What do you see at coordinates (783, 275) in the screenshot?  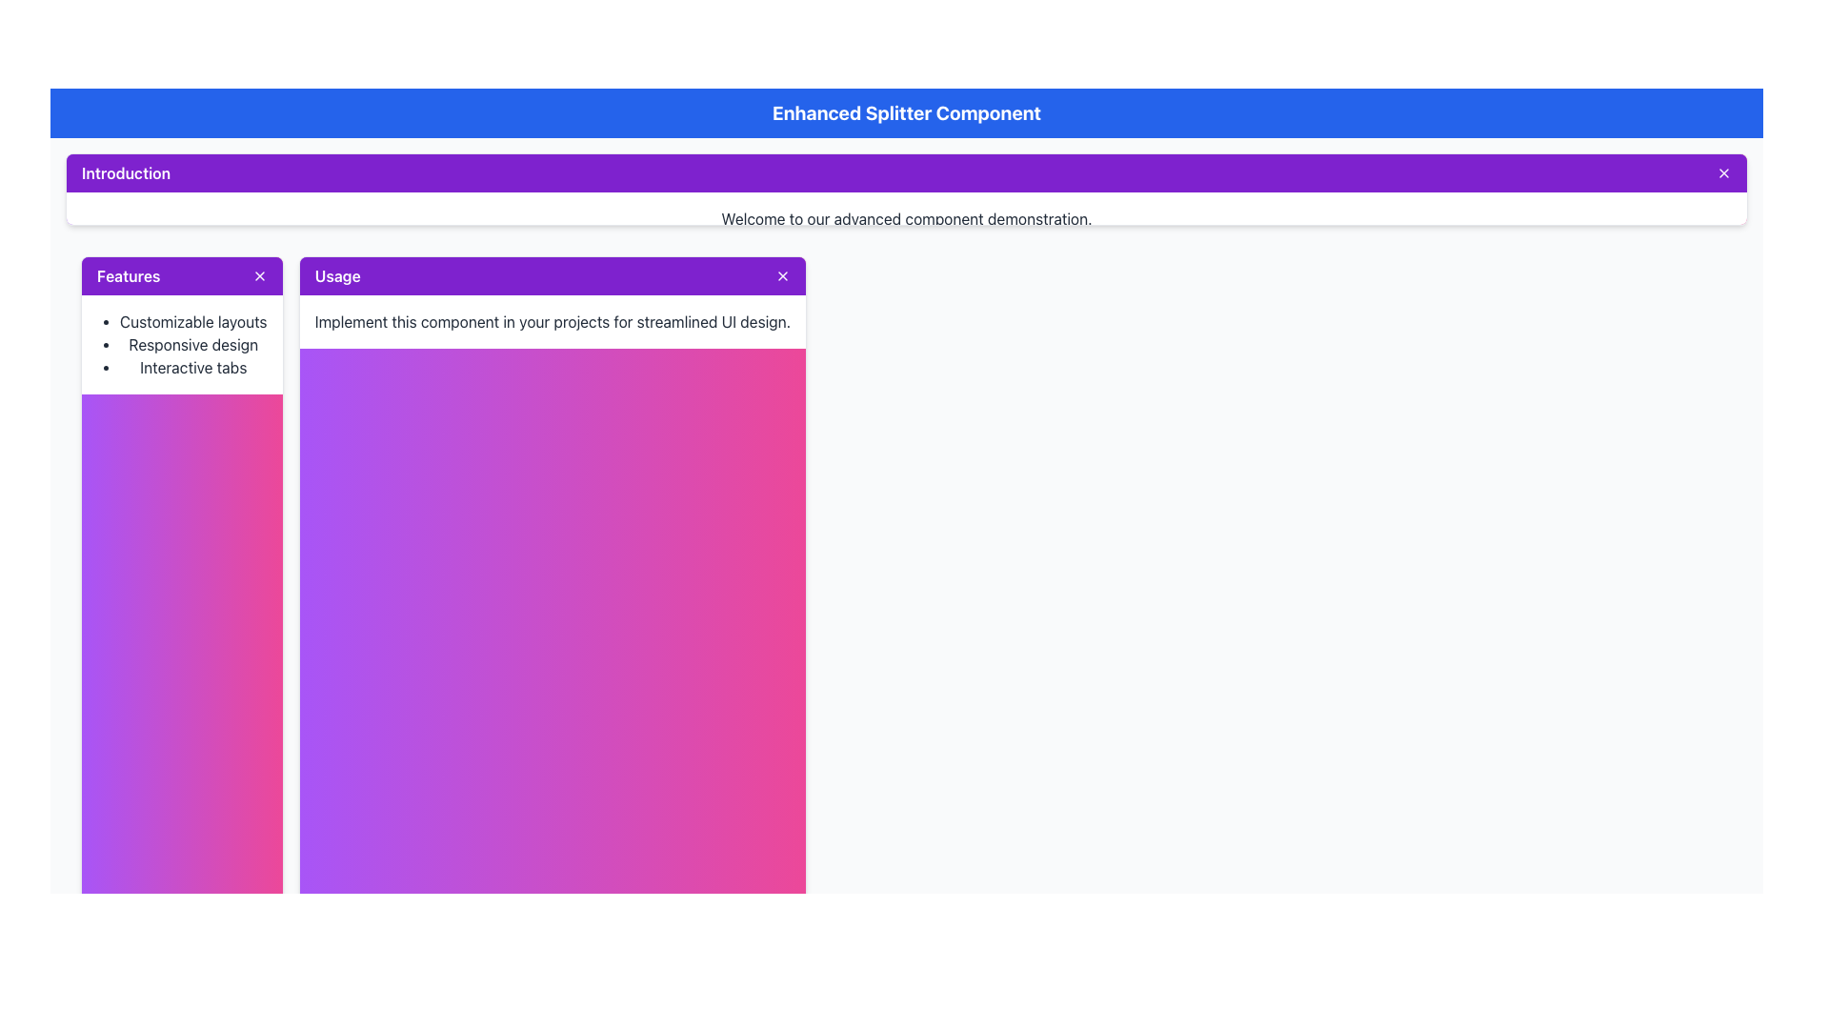 I see `the close icon located in the top-right corner of the purple header bar within the 'Usage' section, adjacent to the 'Usage' label` at bounding box center [783, 275].